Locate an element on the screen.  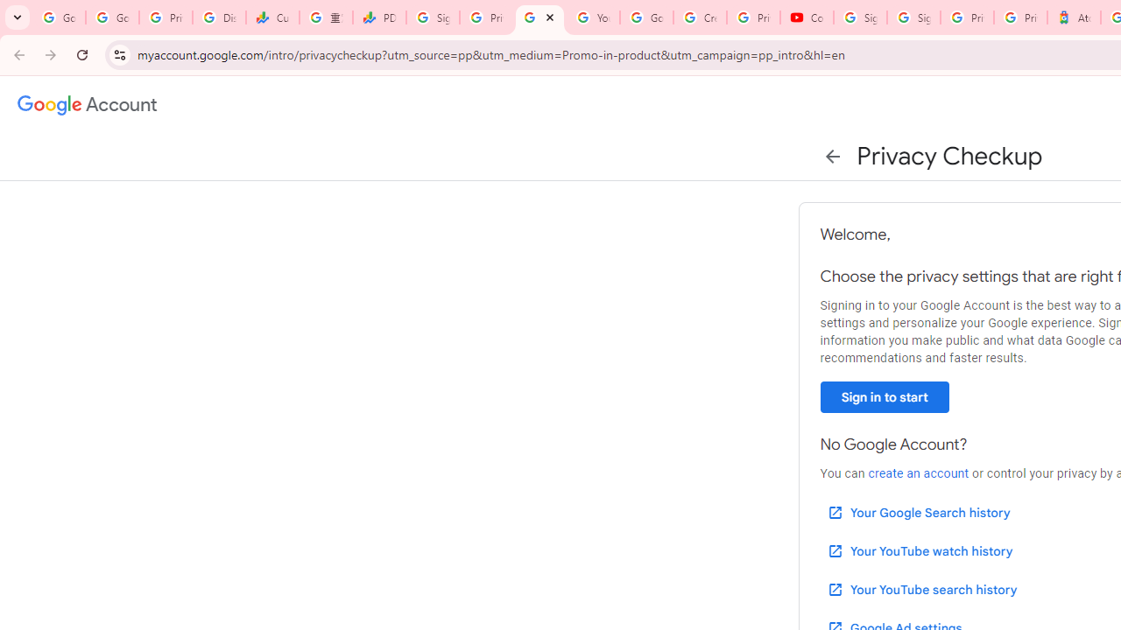
'Sign in - Google Accounts' is located at coordinates (860, 17).